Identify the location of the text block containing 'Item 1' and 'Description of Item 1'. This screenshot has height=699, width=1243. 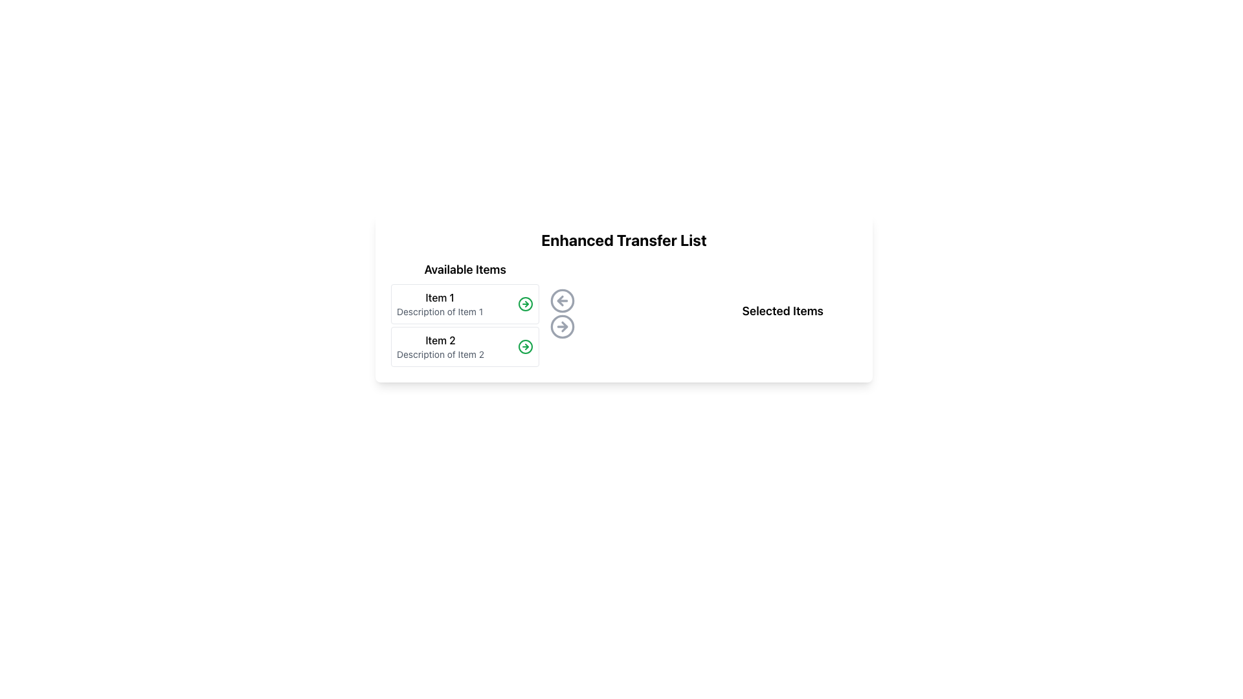
(440, 304).